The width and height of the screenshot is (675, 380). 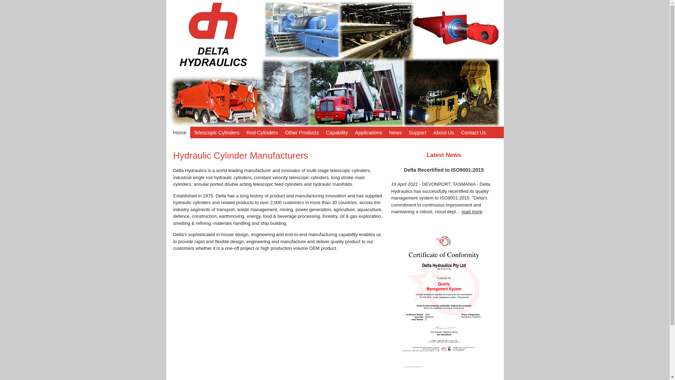 I want to click on 'read more', so click(x=462, y=211).